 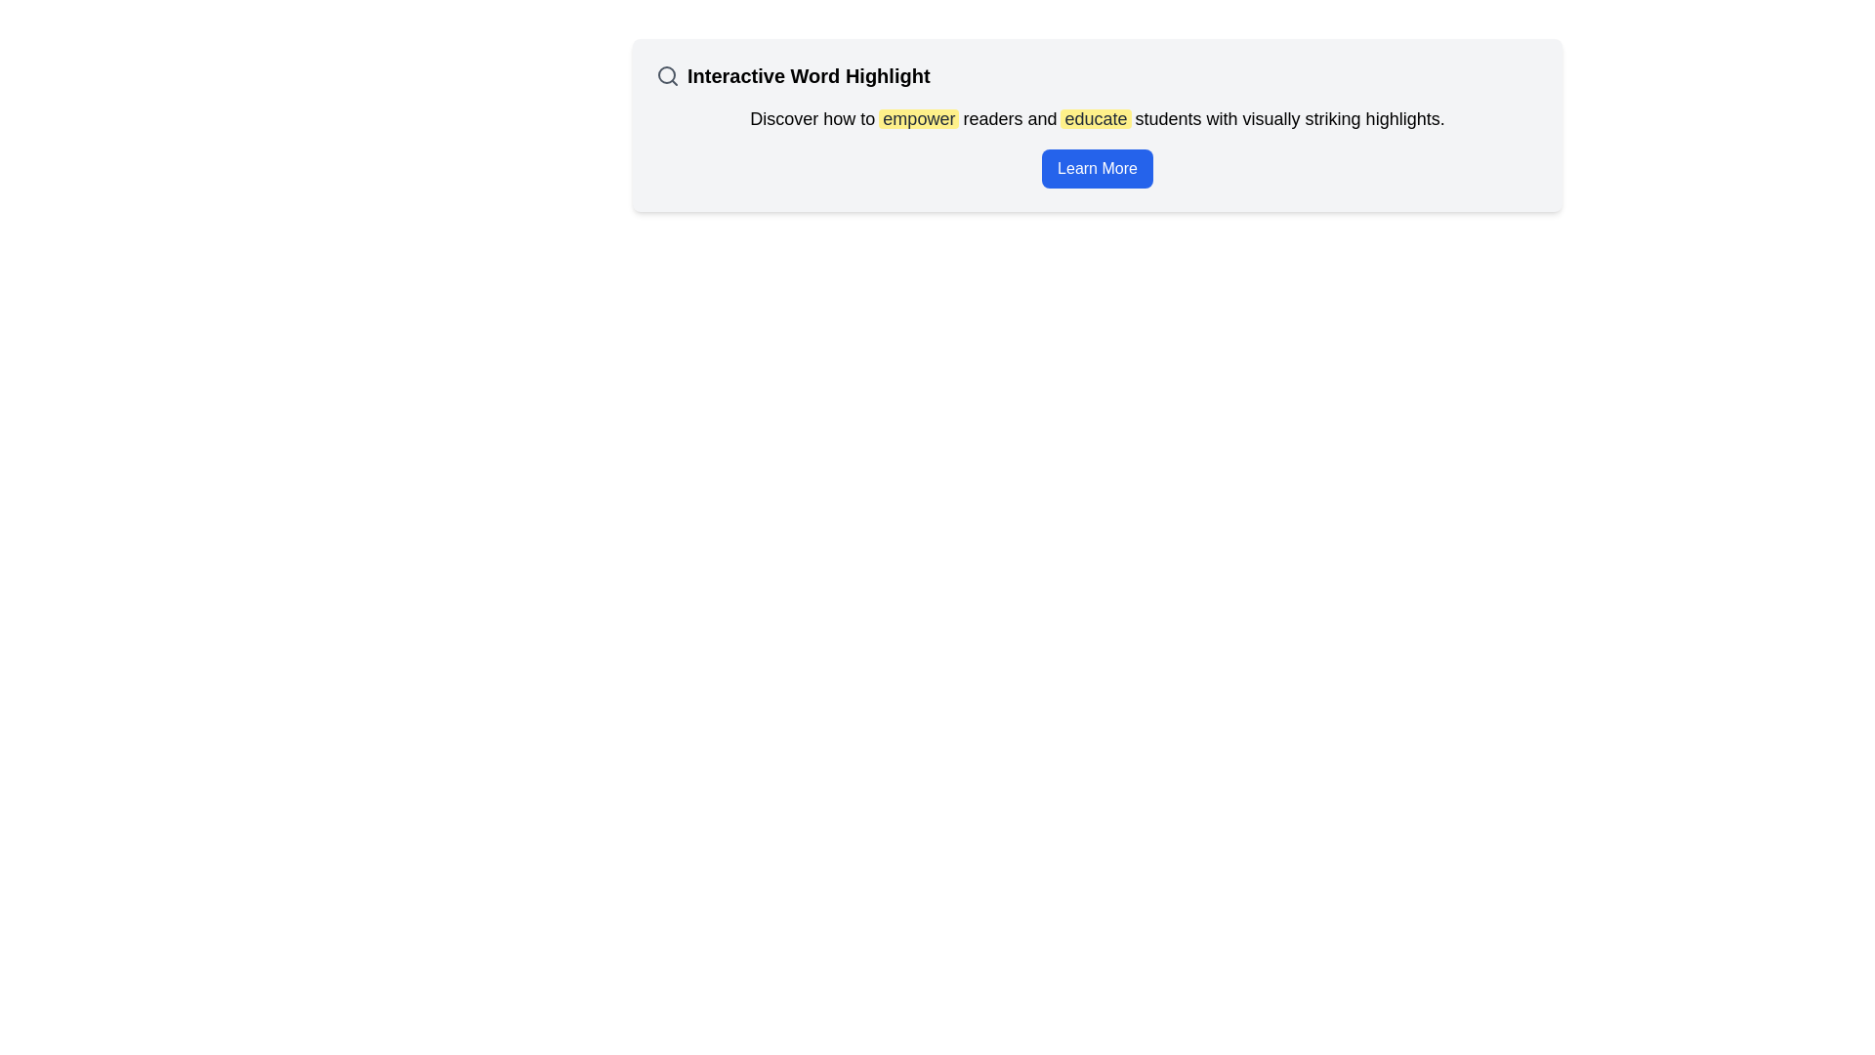 I want to click on the heading text located at the top left of the central layout area, positioned to the right of the magnifying glass icon, so click(x=809, y=74).